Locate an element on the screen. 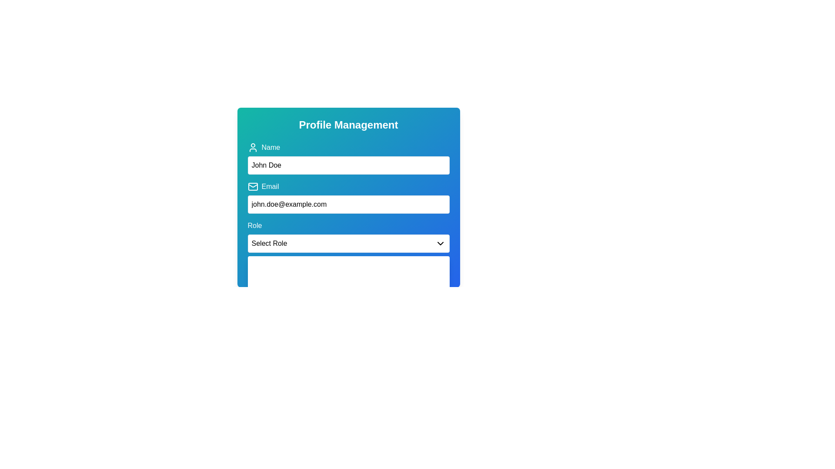 The width and height of the screenshot is (835, 469). the text label that indicates the purpose of the email input field, located above the input field with a mail icon to its left is located at coordinates (270, 186).